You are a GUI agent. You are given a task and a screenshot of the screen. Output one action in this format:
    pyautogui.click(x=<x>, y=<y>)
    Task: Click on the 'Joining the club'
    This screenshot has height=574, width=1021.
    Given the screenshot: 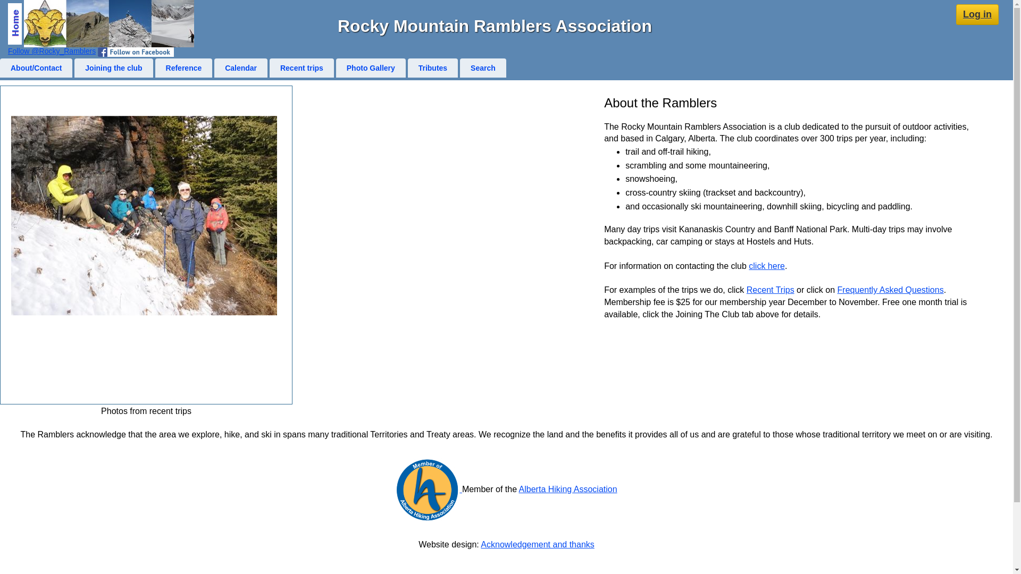 What is the action you would take?
    pyautogui.click(x=113, y=67)
    